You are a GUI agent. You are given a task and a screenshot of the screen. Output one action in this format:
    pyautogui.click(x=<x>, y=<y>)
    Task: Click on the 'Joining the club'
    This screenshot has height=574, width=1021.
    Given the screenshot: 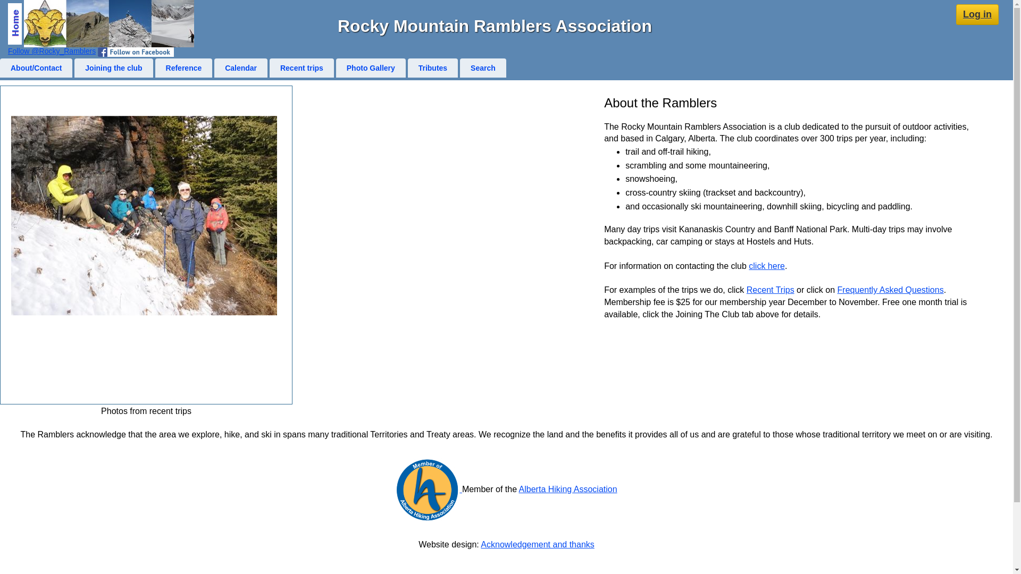 What is the action you would take?
    pyautogui.click(x=113, y=67)
    